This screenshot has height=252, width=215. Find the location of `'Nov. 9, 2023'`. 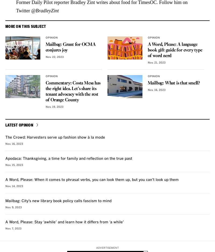

'Nov. 9, 2023' is located at coordinates (13, 207).